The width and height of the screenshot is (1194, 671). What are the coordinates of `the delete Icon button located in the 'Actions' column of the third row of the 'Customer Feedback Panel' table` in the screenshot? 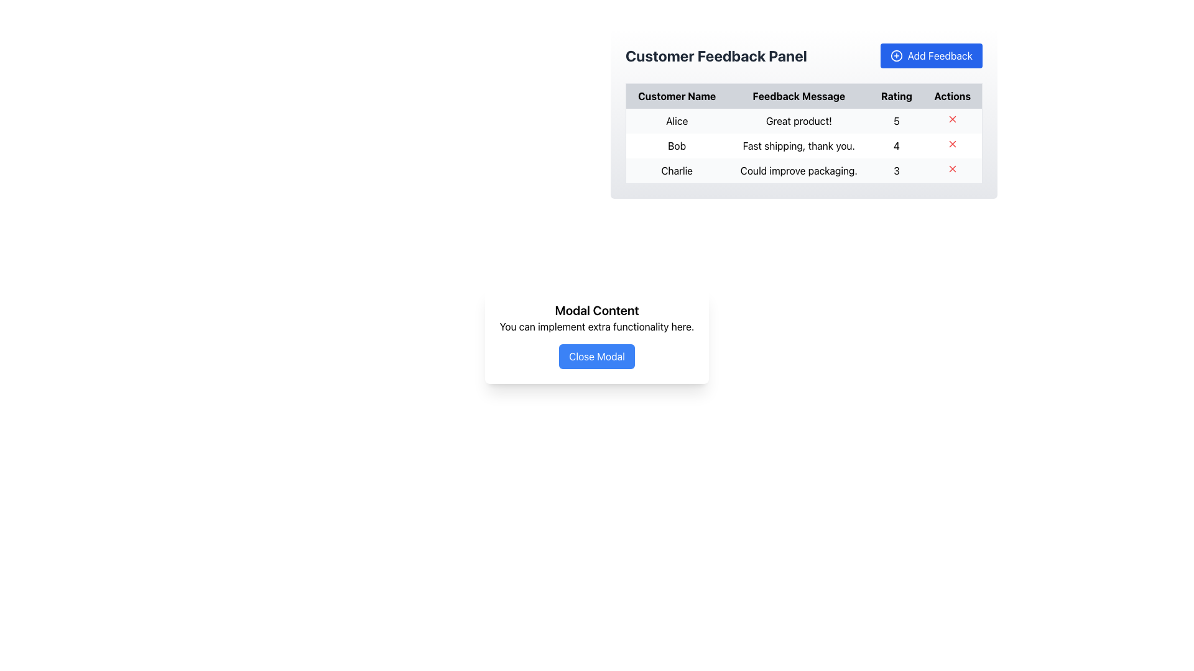 It's located at (951, 169).